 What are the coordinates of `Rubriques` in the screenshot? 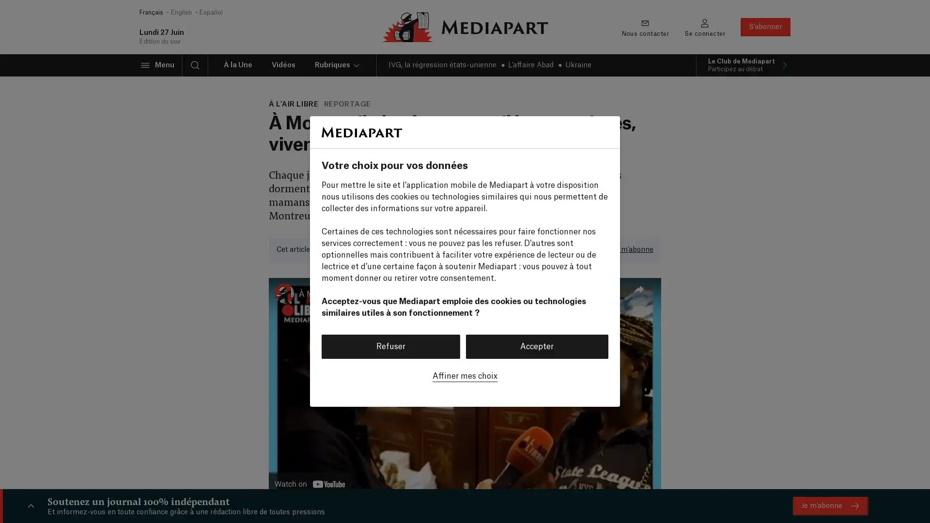 It's located at (337, 65).